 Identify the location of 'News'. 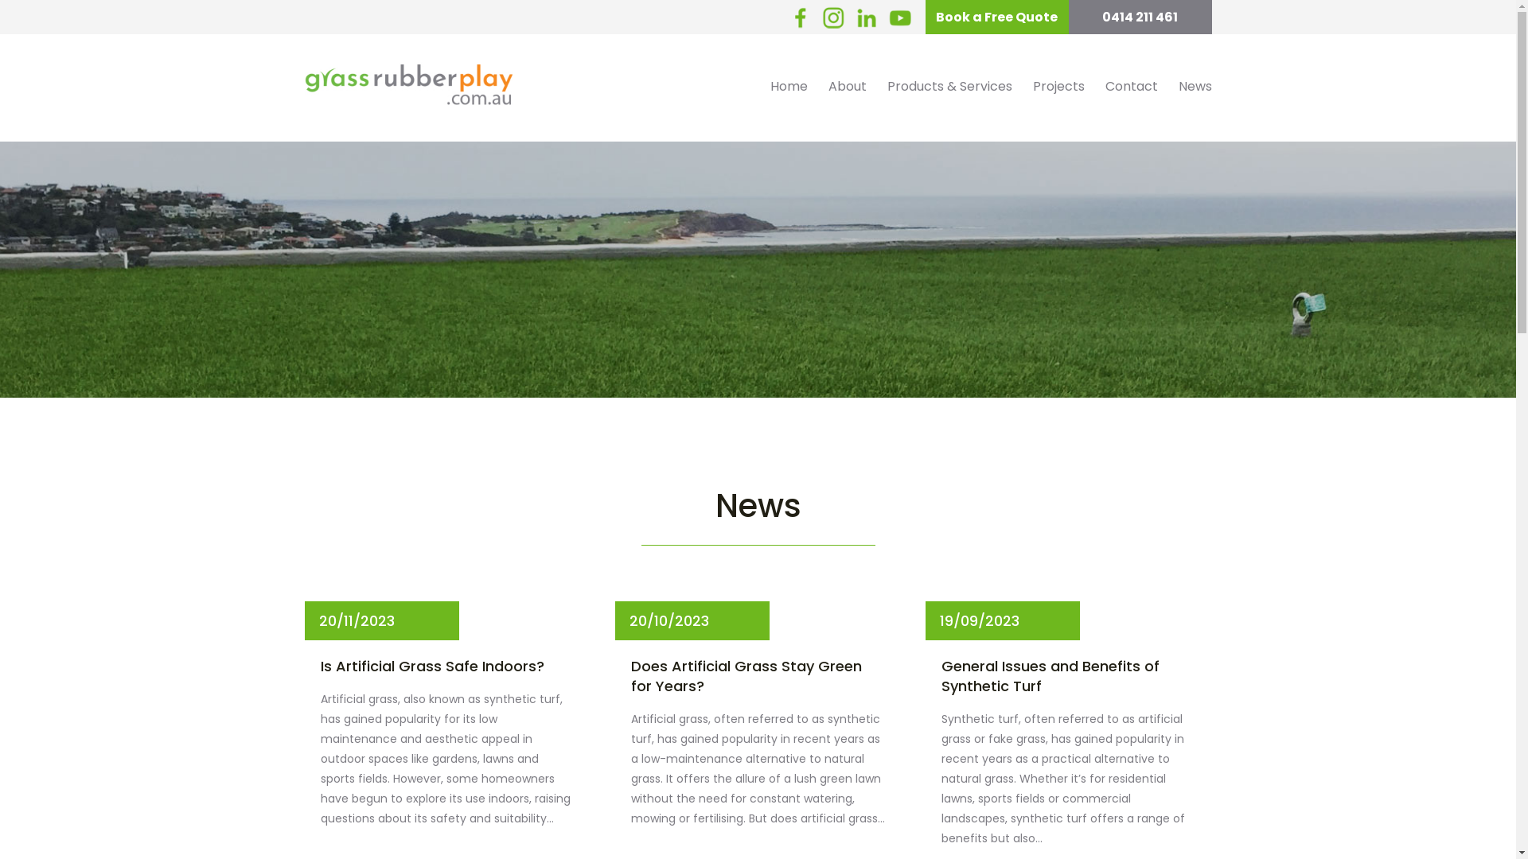
(1168, 86).